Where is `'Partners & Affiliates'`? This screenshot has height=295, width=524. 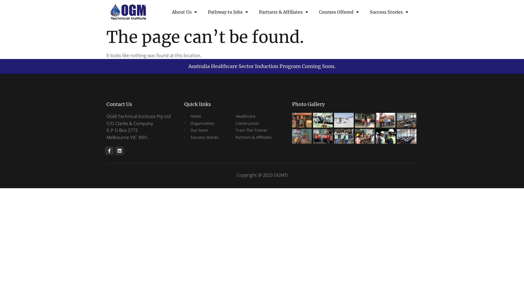
'Partners & Affiliates' is located at coordinates (250, 137).